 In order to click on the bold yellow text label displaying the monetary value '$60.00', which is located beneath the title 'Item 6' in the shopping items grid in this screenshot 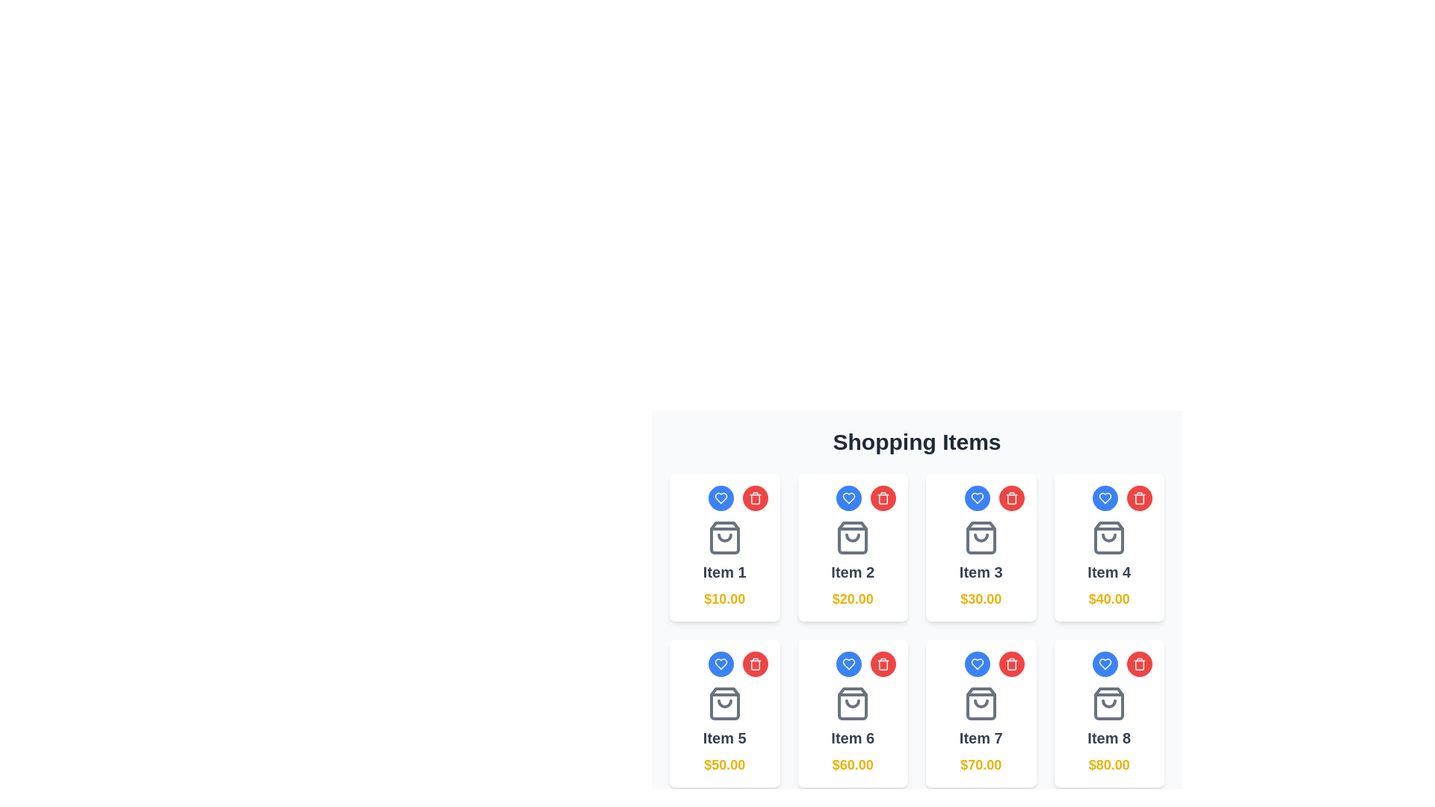, I will do `click(853, 764)`.